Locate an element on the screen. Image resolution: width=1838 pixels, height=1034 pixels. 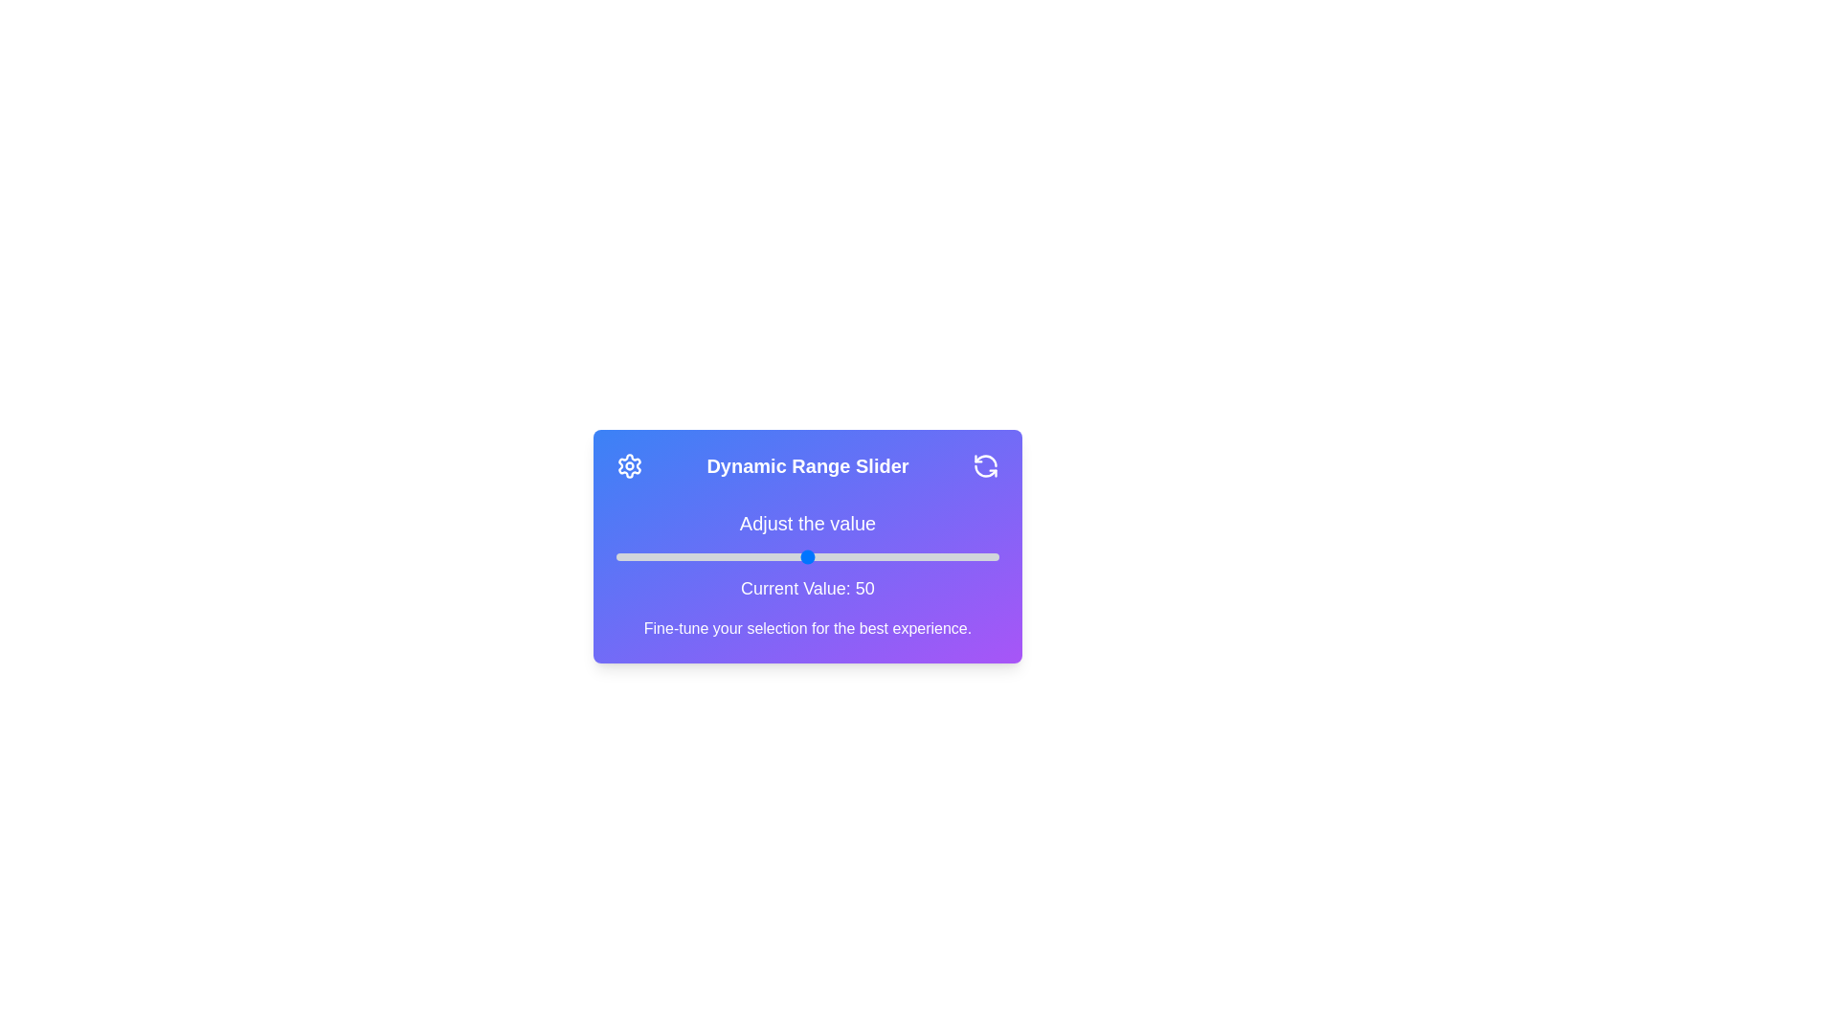
the slider to set the value to 5 is located at coordinates (635, 557).